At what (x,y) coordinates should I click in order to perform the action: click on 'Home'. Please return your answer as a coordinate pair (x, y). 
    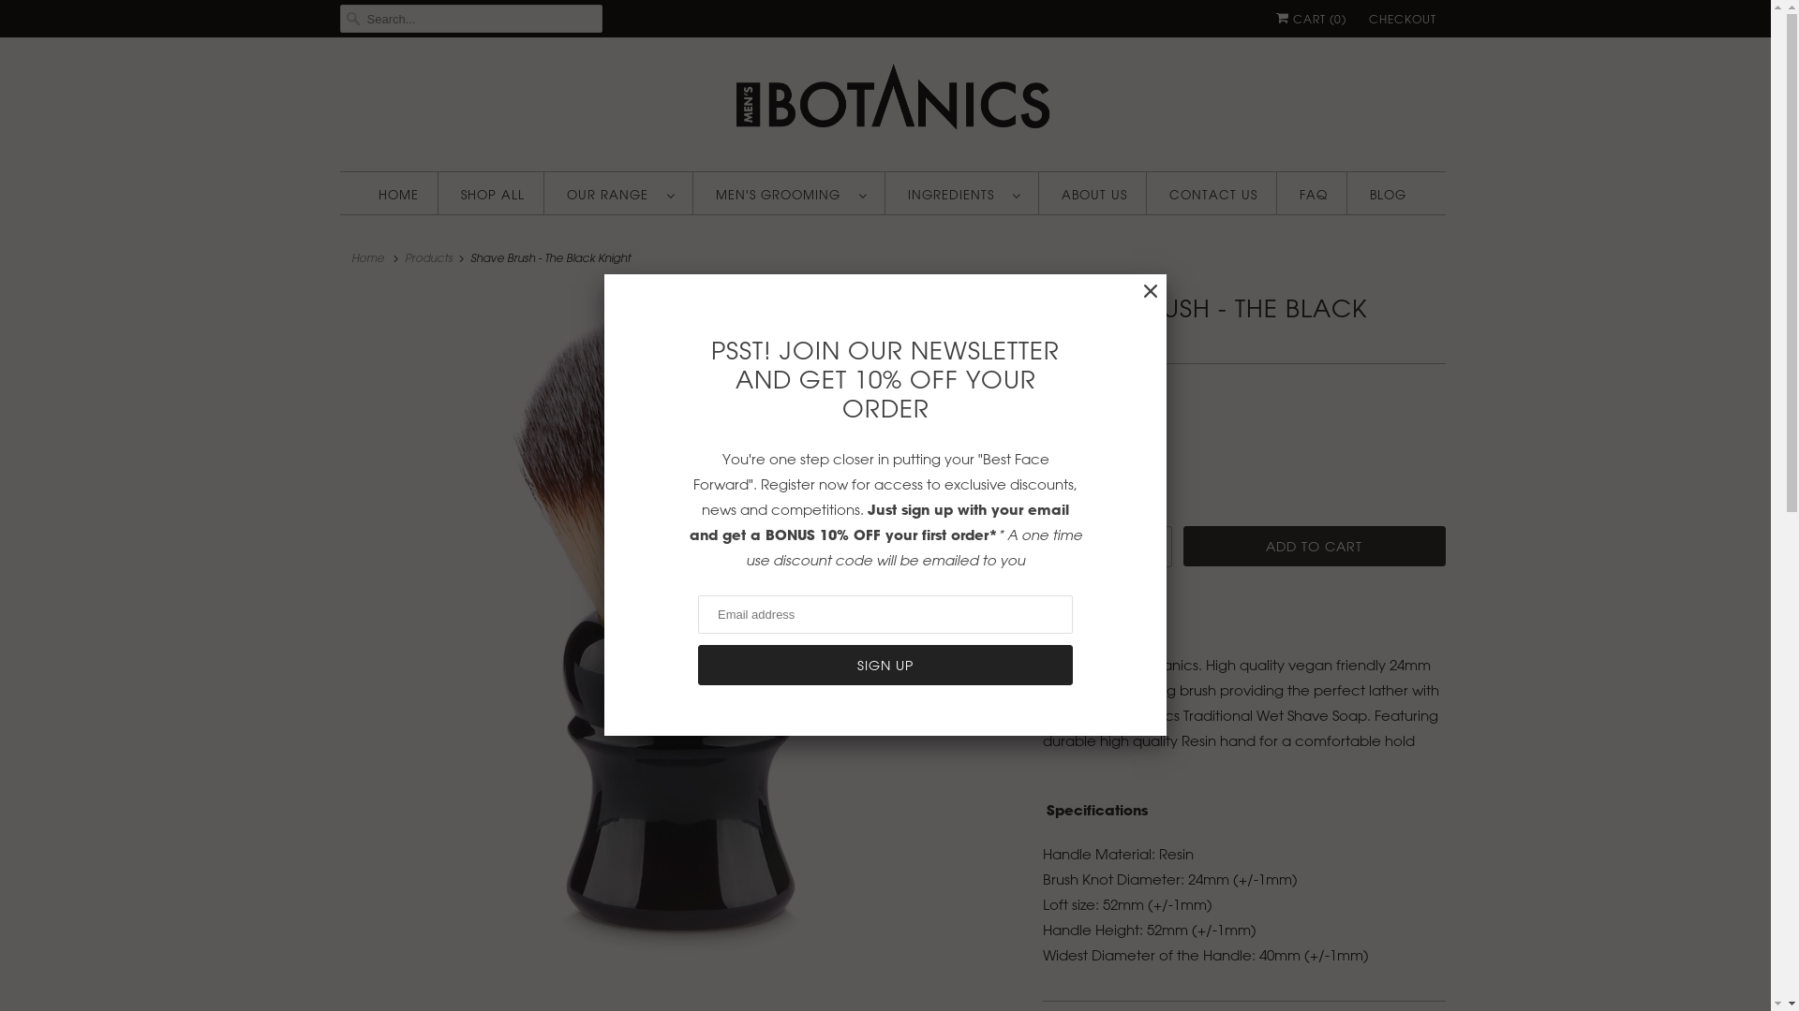
    Looking at the image, I should click on (350, 256).